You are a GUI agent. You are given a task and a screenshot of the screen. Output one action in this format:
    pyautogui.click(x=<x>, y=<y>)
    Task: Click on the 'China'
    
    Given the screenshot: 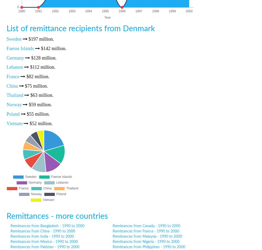 What is the action you would take?
    pyautogui.click(x=12, y=85)
    